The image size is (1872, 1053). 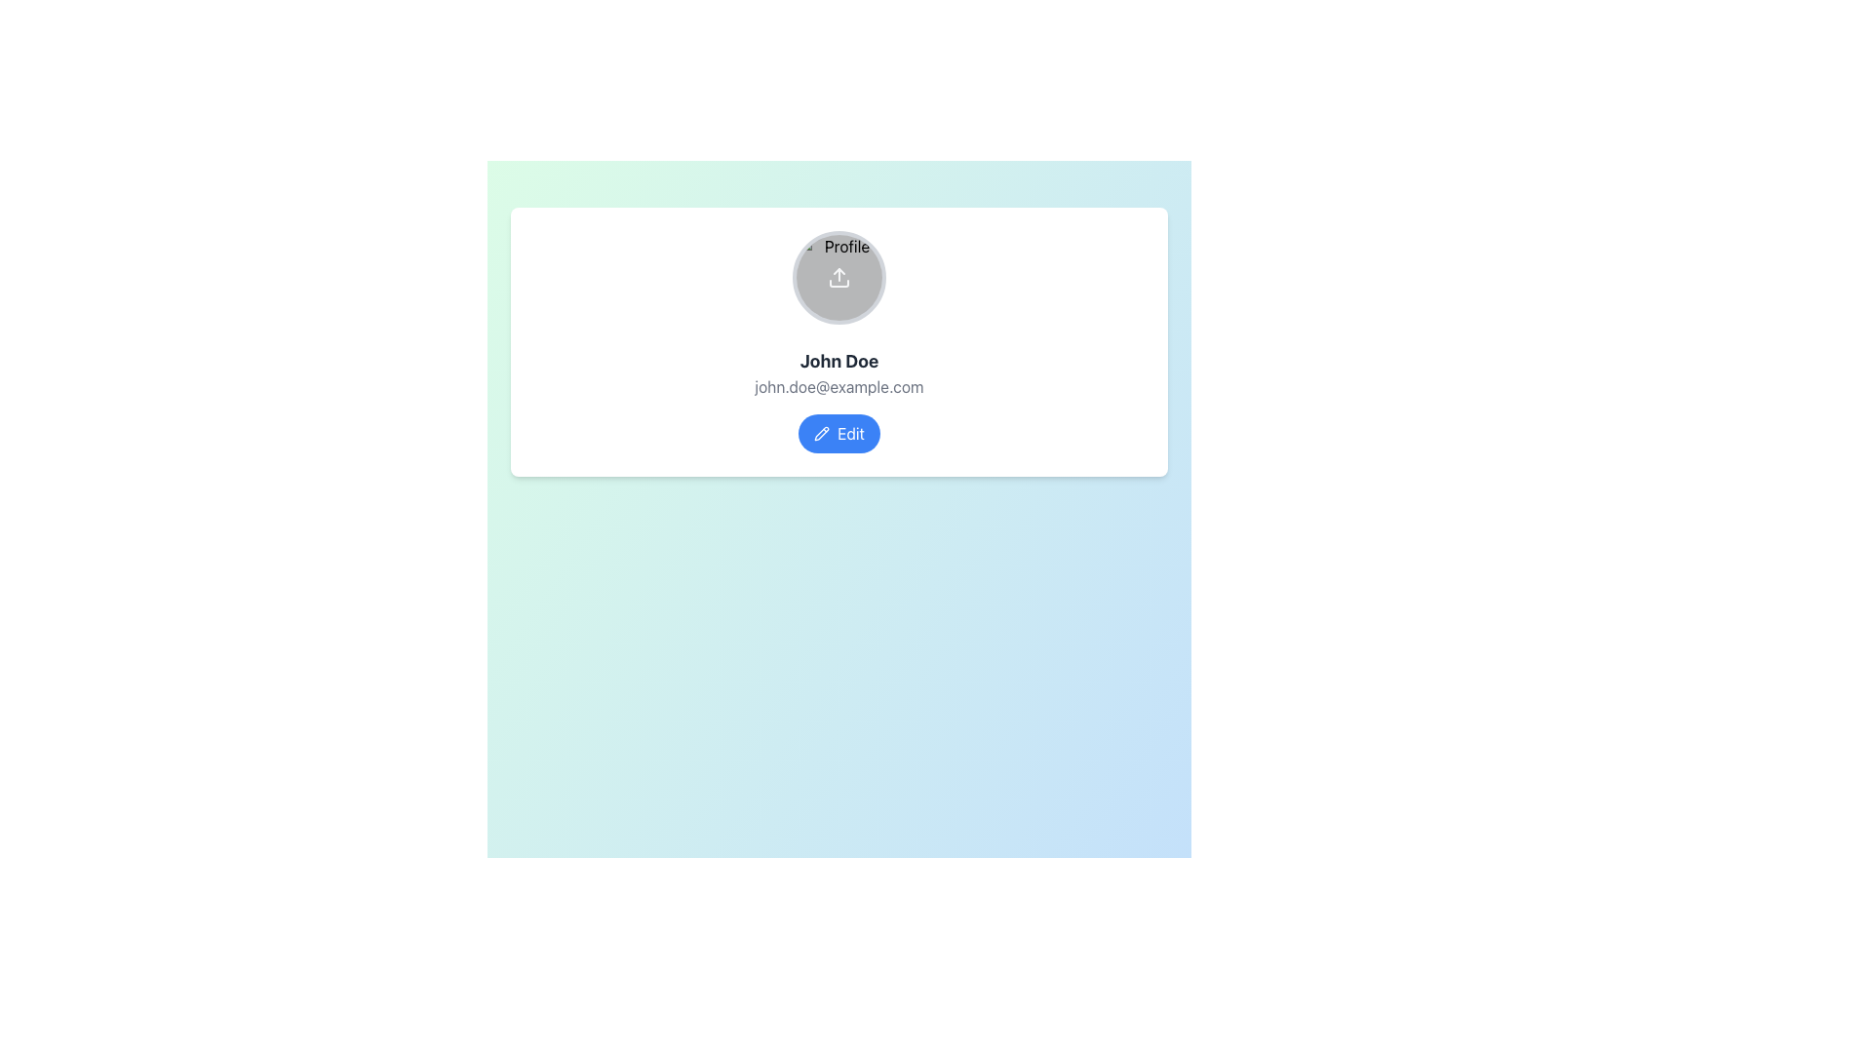 What do you see at coordinates (838, 372) in the screenshot?
I see `displayed text from the text field showing 'John Doe' and 'john.doe@example.com', which is centrally located below a profile picture and above an 'Edit' button` at bounding box center [838, 372].